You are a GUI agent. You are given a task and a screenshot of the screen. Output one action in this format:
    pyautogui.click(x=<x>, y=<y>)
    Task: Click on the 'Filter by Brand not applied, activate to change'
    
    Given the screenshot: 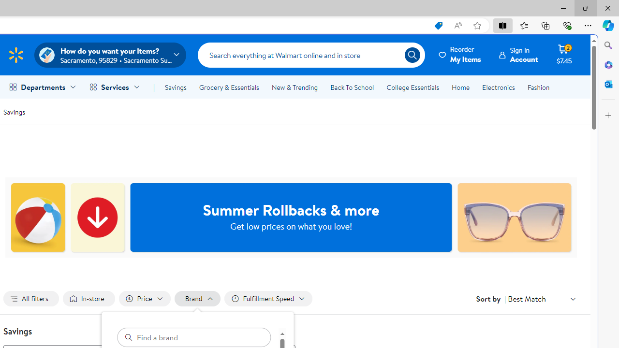 What is the action you would take?
    pyautogui.click(x=197, y=298)
    